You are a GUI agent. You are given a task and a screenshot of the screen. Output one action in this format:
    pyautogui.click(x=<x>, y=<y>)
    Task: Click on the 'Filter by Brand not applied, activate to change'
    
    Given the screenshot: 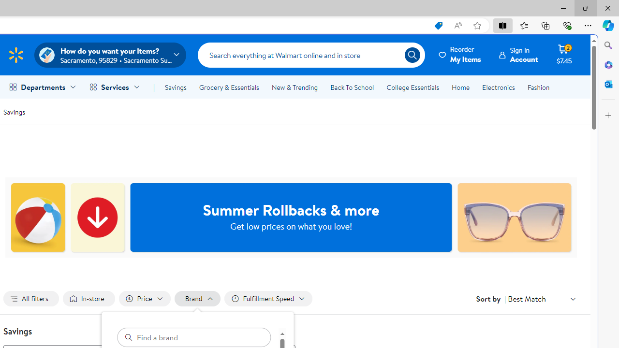 What is the action you would take?
    pyautogui.click(x=197, y=298)
    